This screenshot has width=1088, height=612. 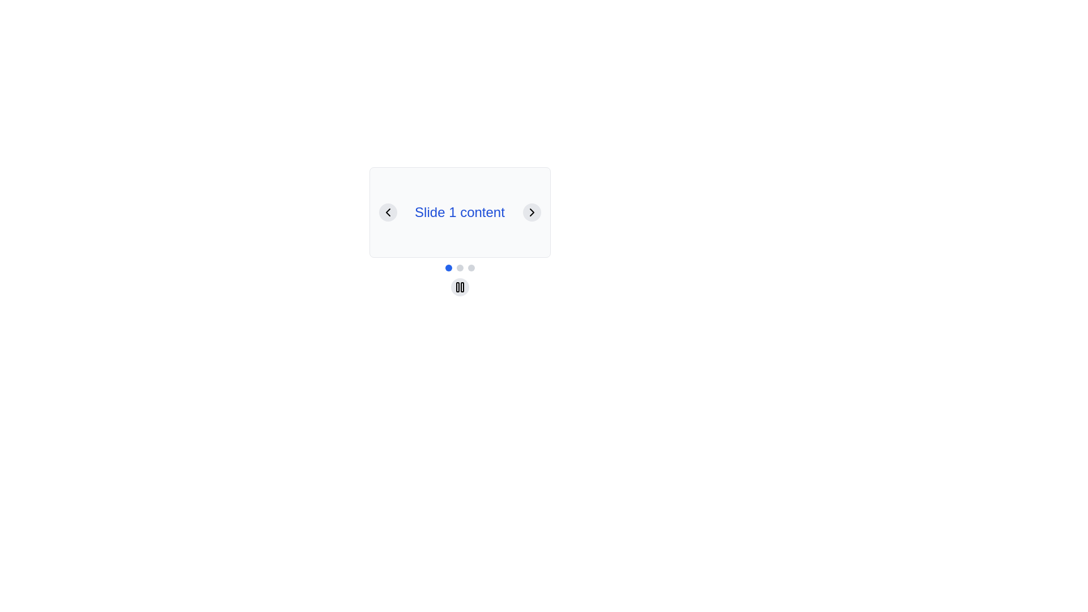 What do you see at coordinates (460, 212) in the screenshot?
I see `the text within the 'Slide 1' carousel slide to interact with the content` at bounding box center [460, 212].